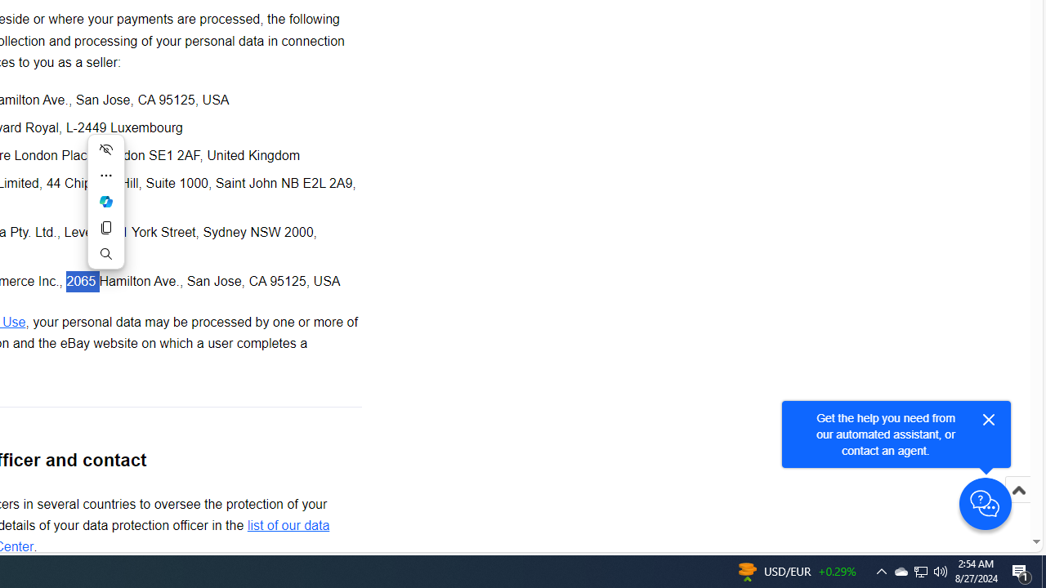  I want to click on 'Hide menu', so click(105, 149).